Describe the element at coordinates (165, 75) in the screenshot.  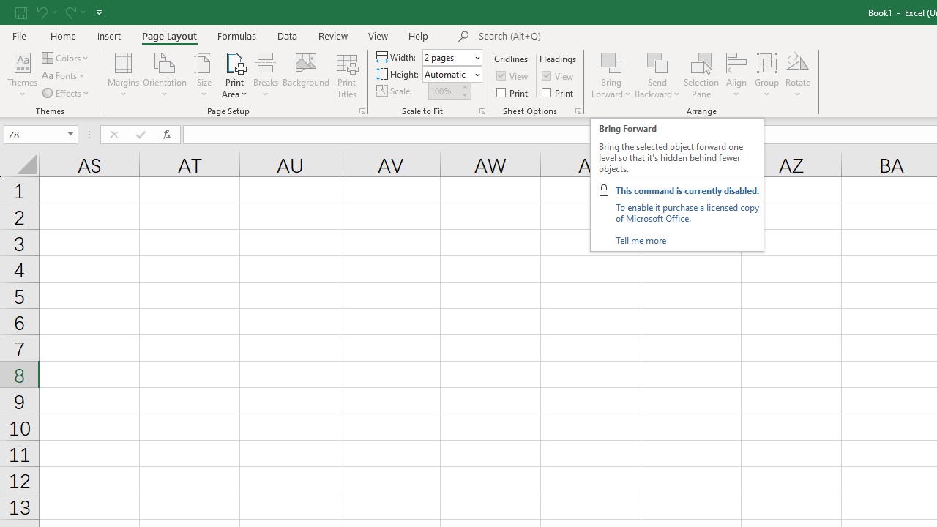
I see `'Orientation'` at that location.